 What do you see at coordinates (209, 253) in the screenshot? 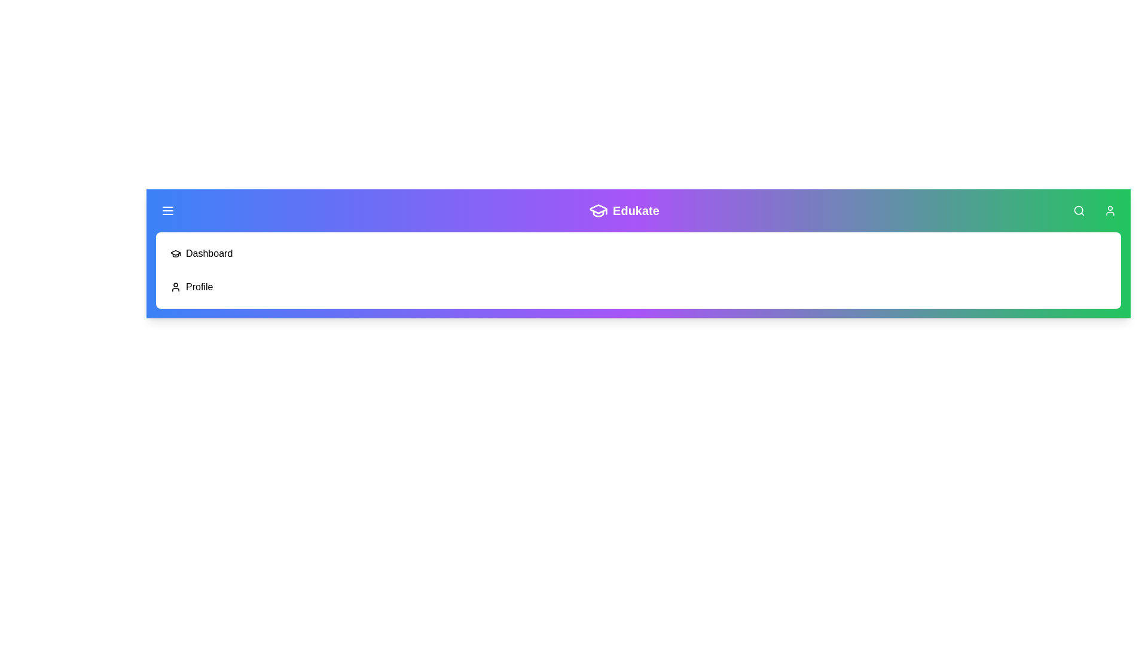
I see `the Dashboard navigation item in the menu` at bounding box center [209, 253].